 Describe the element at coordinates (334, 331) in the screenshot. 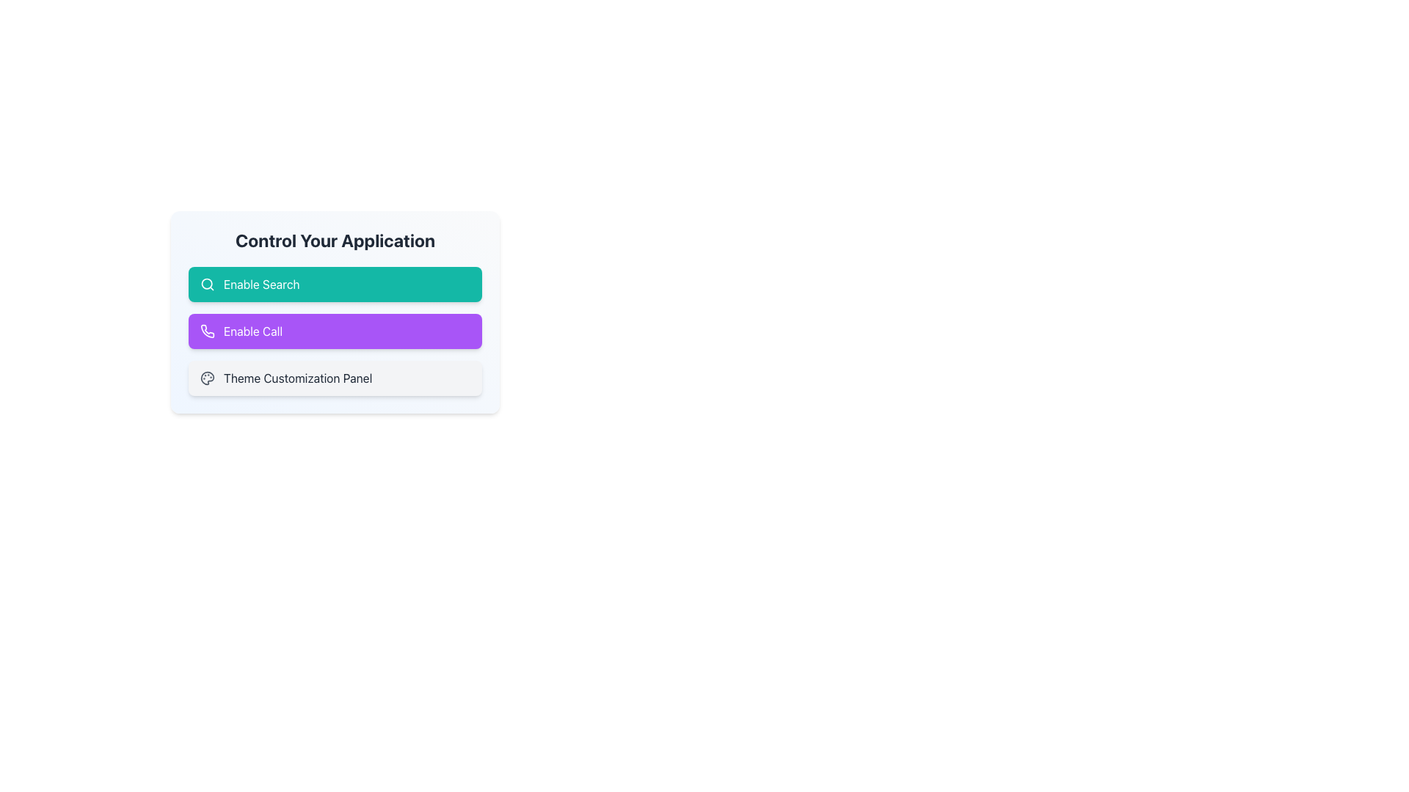

I see `the call functionality button located in the 'Control Your Application' panel, which is the second button in a vertical list` at that location.